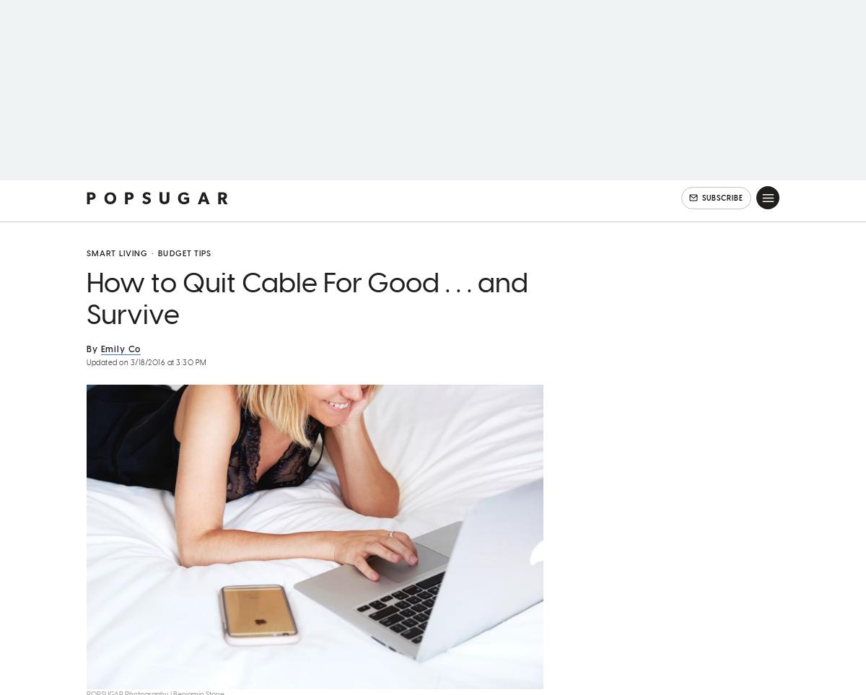 The image size is (866, 695). What do you see at coordinates (116, 272) in the screenshot?
I see `'Smart Living'` at bounding box center [116, 272].